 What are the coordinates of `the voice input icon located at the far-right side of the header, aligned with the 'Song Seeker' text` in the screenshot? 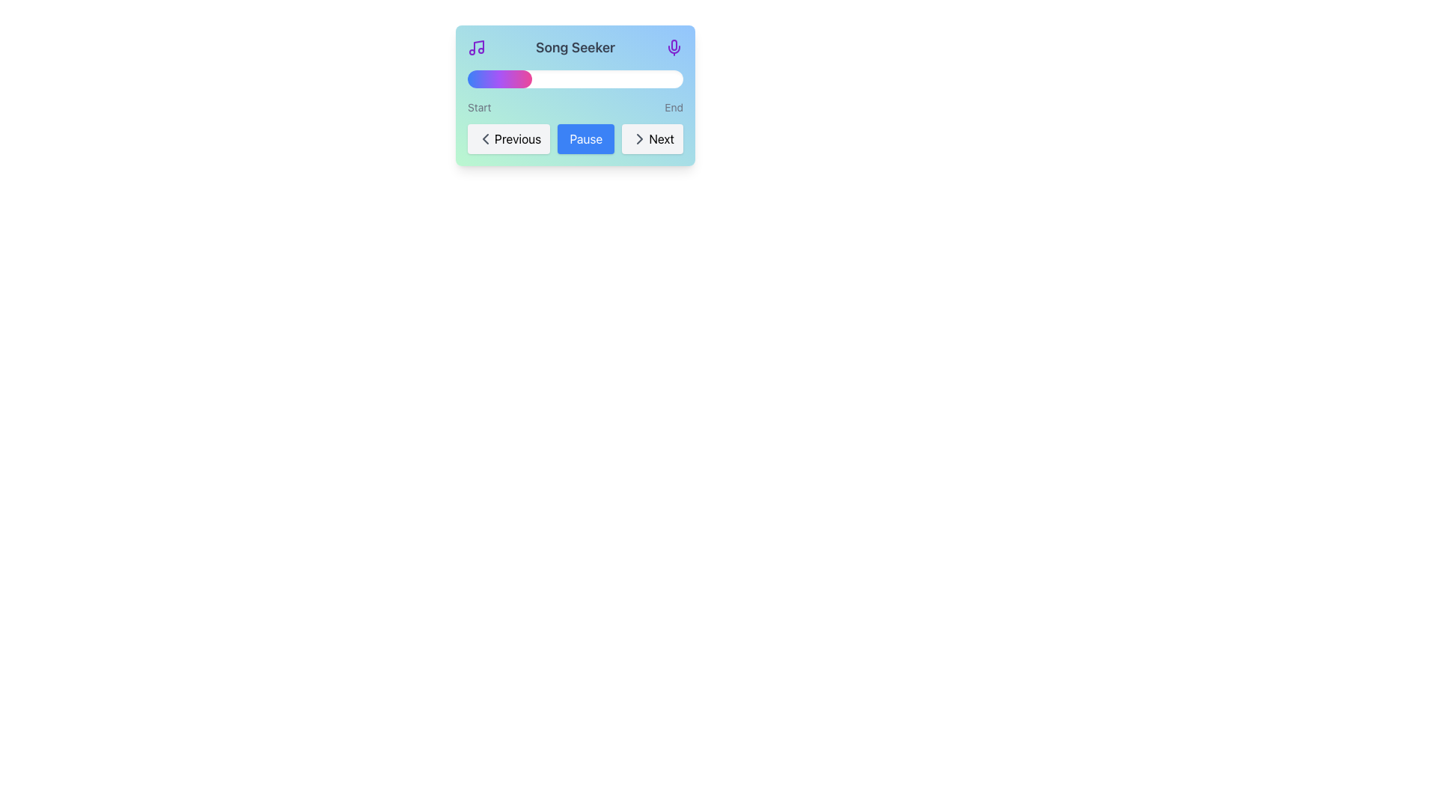 It's located at (674, 47).